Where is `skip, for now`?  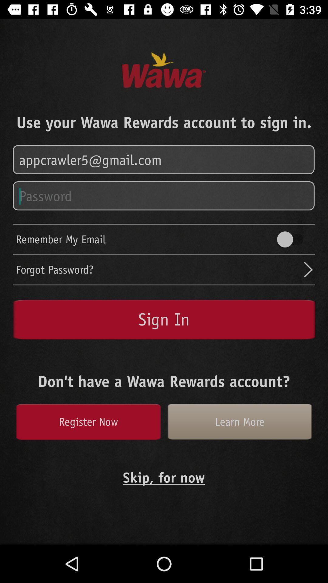 skip, for now is located at coordinates (163, 477).